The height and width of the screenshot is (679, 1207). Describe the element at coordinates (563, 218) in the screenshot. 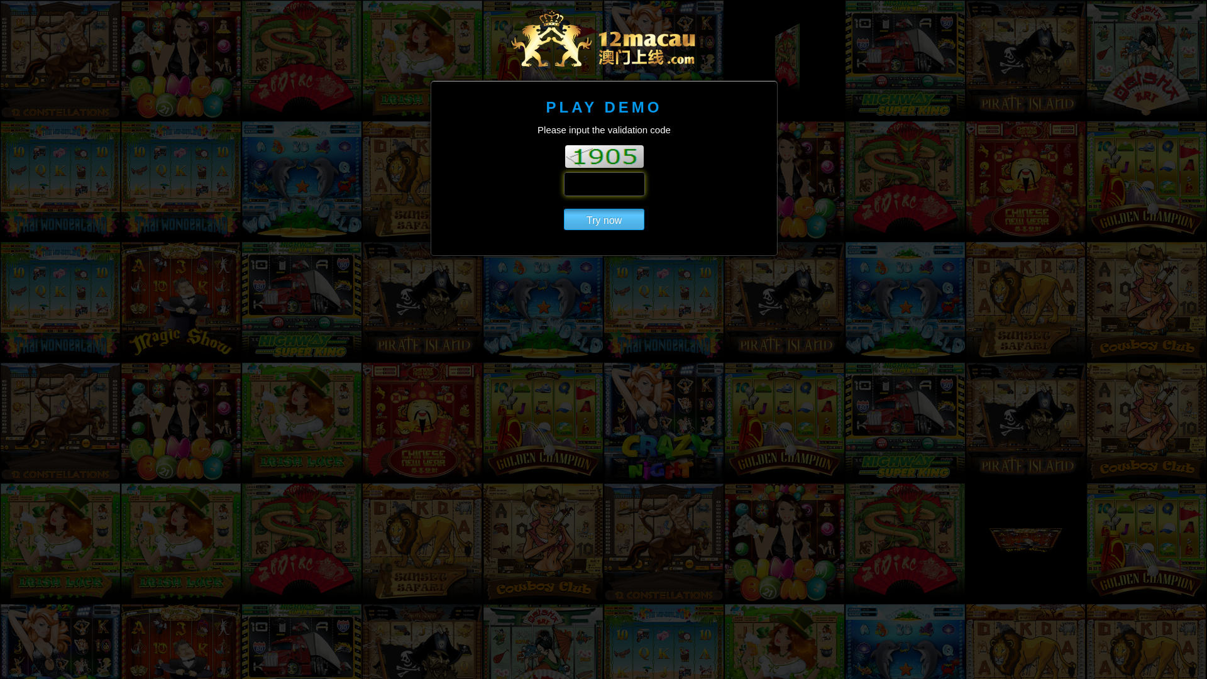

I see `'Try now'` at that location.